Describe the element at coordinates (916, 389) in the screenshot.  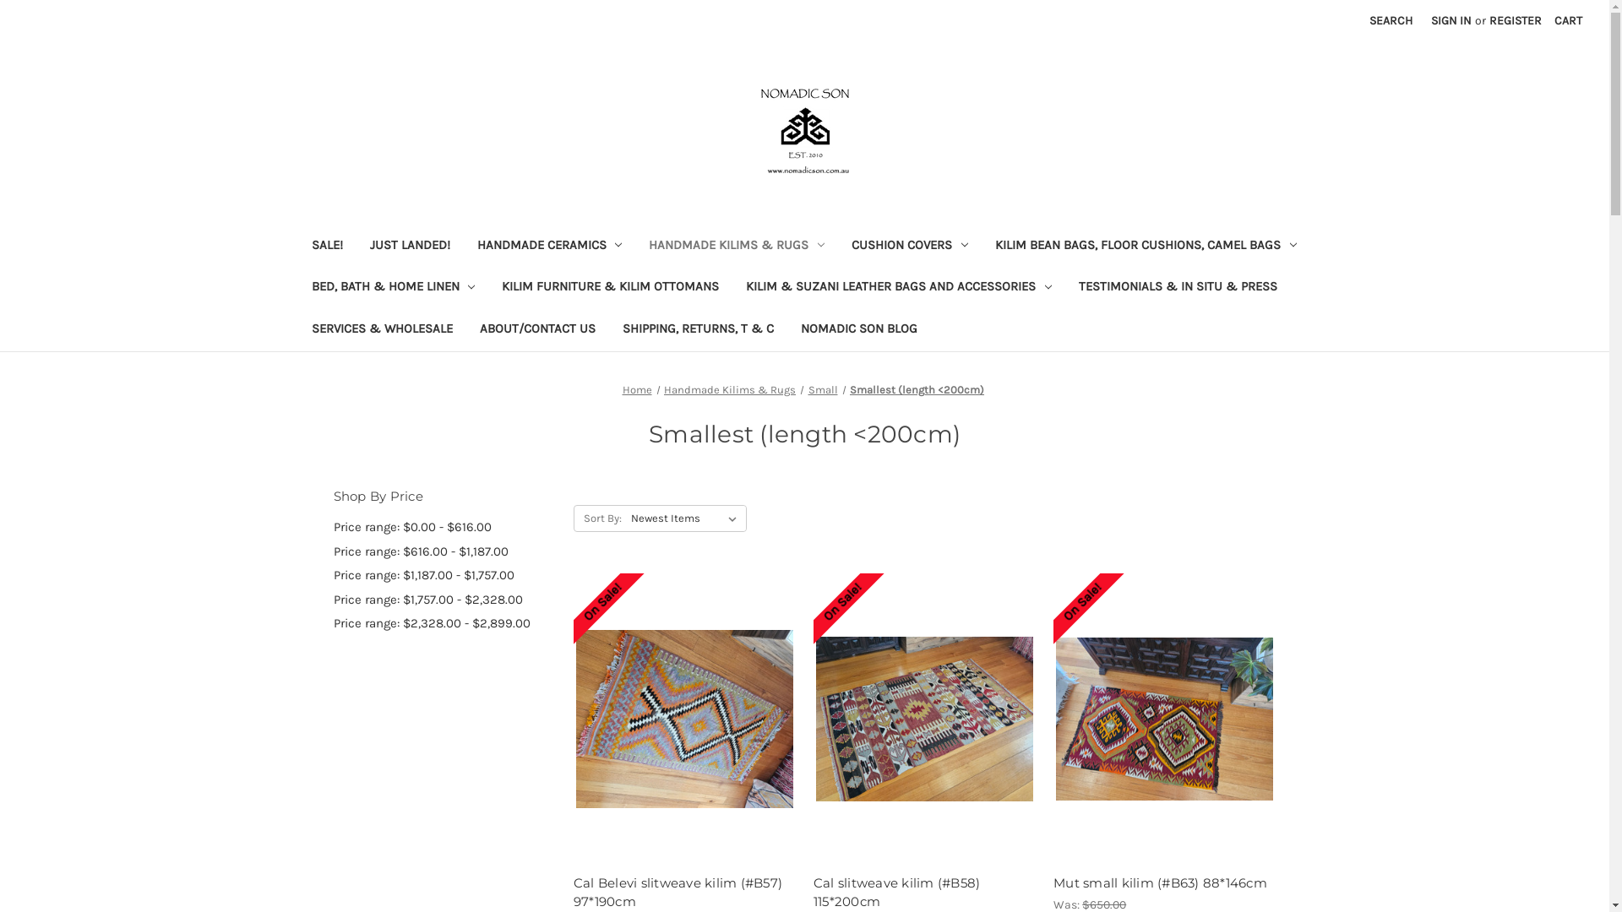
I see `'Smallest (length <200cm)'` at that location.